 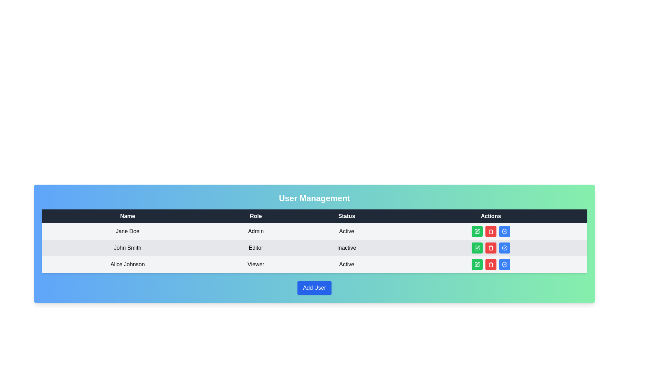 I want to click on the first SVG icon in the 'Actions' column of the row for 'John Smith', which resembles a square with additional features, so click(x=477, y=231).